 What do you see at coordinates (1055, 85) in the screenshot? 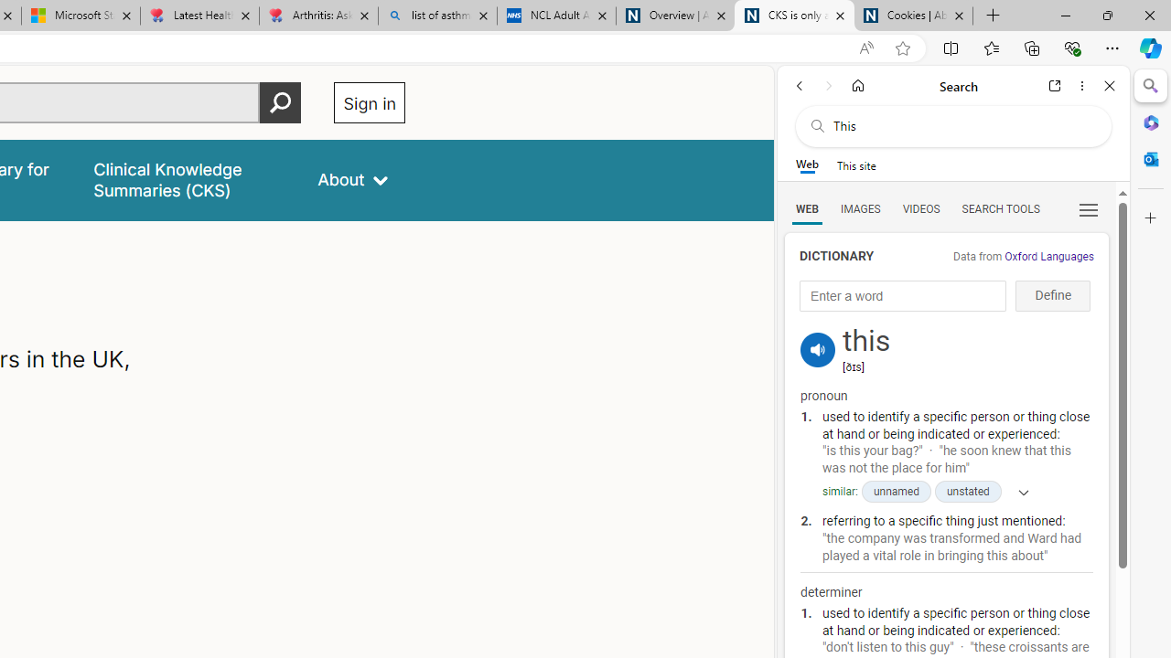
I see `'Open link in new tab'` at bounding box center [1055, 85].